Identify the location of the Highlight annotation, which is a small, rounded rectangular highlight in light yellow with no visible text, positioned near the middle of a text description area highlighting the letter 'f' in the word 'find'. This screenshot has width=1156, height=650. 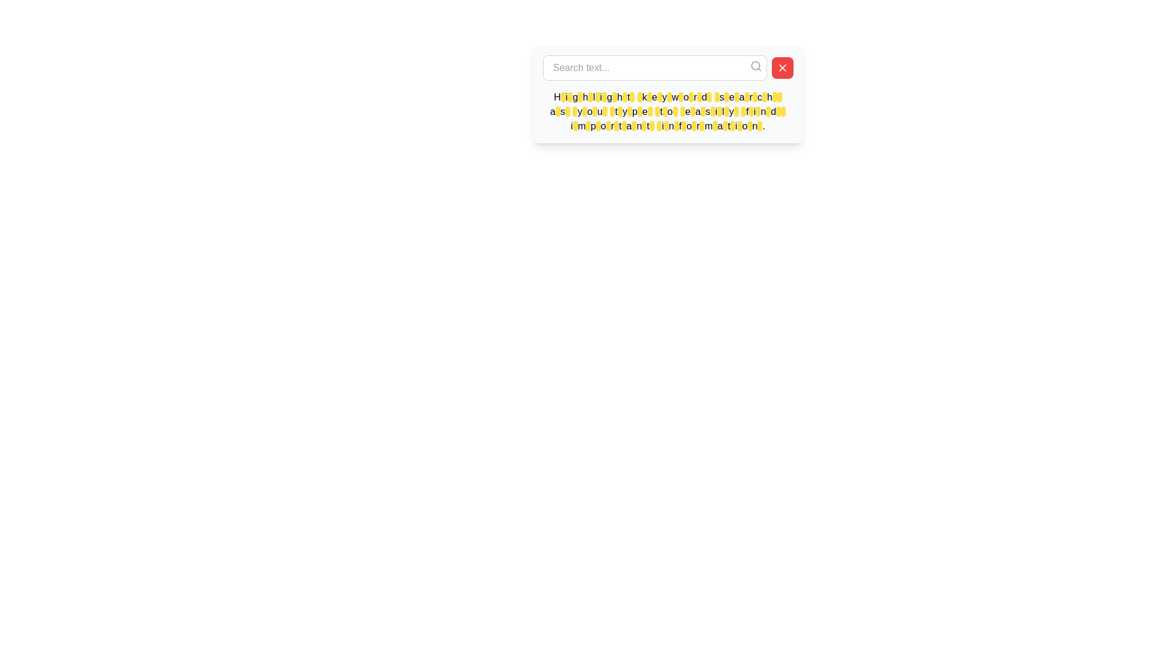
(719, 111).